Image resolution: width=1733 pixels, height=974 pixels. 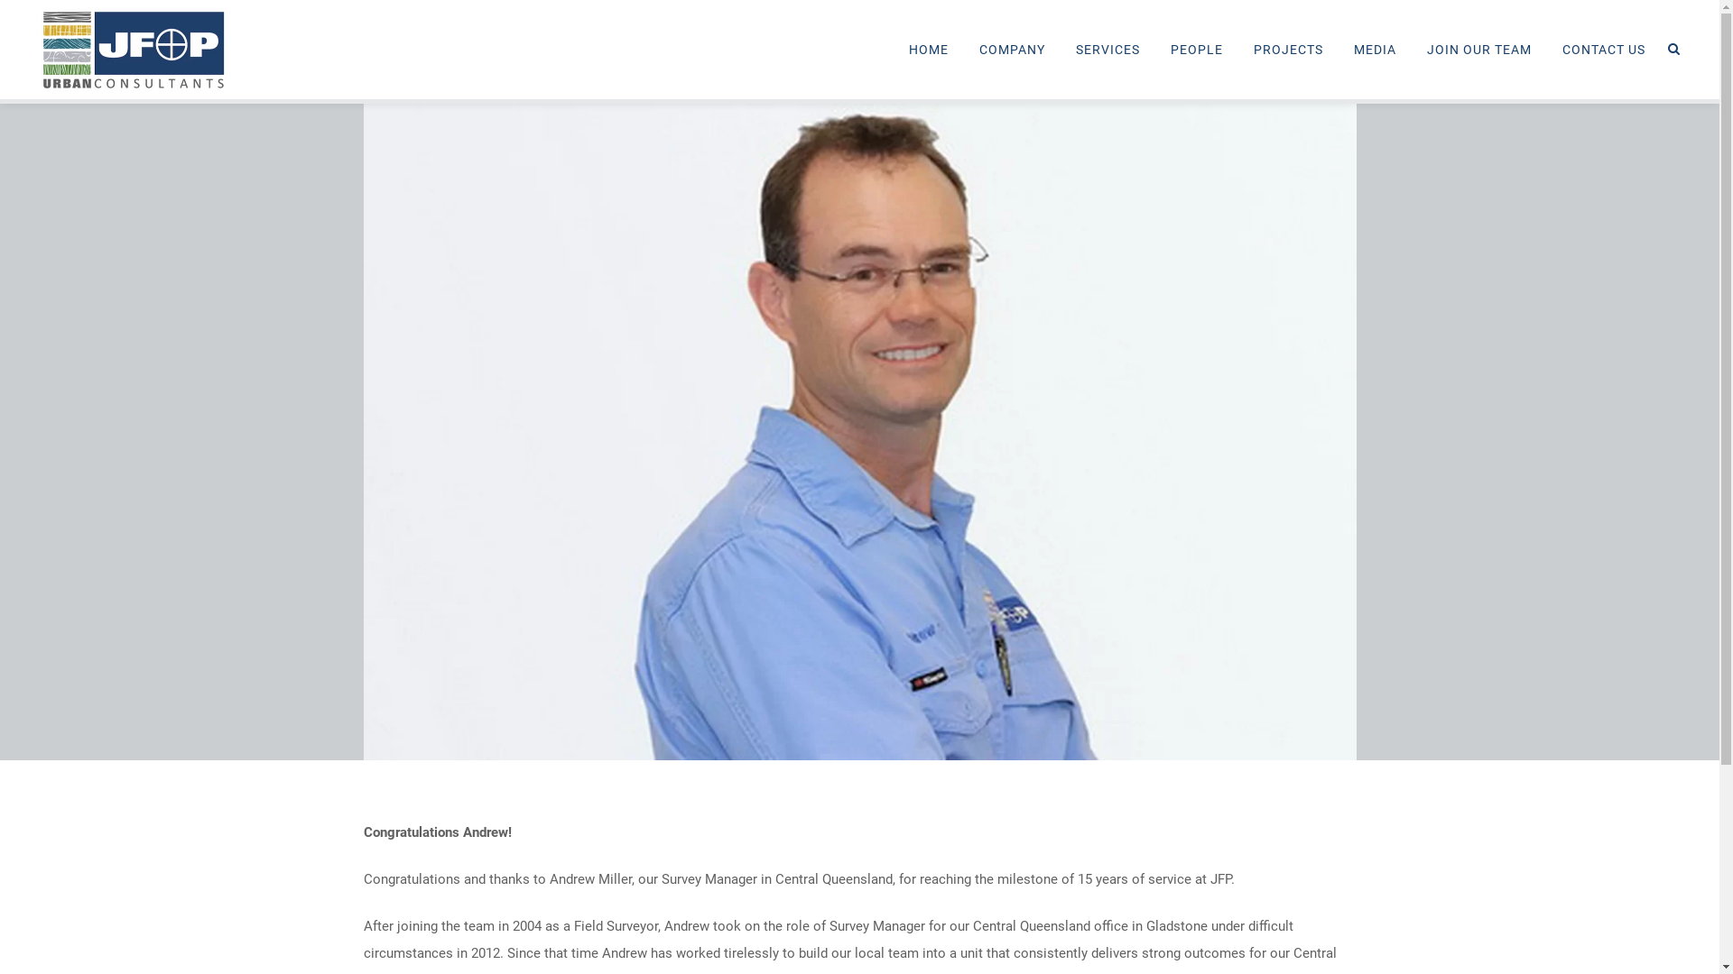 What do you see at coordinates (1603, 48) in the screenshot?
I see `'CONTACT US'` at bounding box center [1603, 48].